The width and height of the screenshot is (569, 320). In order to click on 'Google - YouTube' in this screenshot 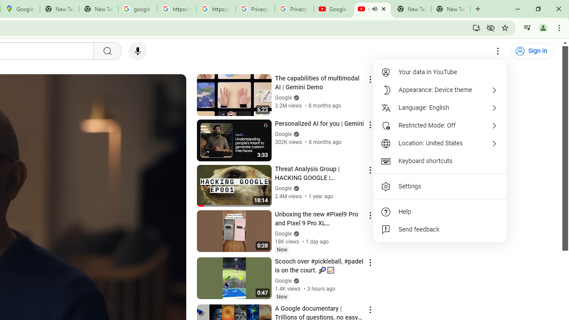, I will do `click(333, 9)`.